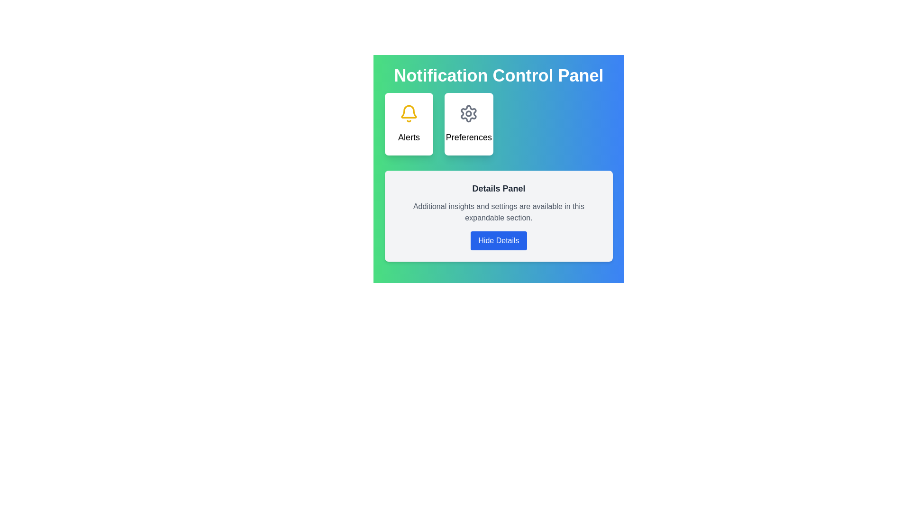 The height and width of the screenshot is (512, 910). I want to click on the 'Notification Control Panel' label, which features bold, large white text on a gradient background, positioned at the top center above 'Alerts' and 'Preferences', so click(498, 75).